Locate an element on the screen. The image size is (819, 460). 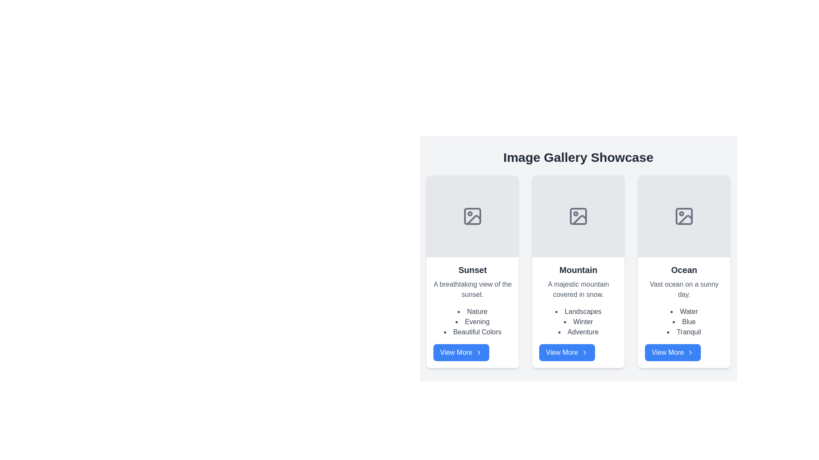
the first bullet point of the list within the 'Ocean' card, which is the third card in a horizontal grid is located at coordinates (684, 312).